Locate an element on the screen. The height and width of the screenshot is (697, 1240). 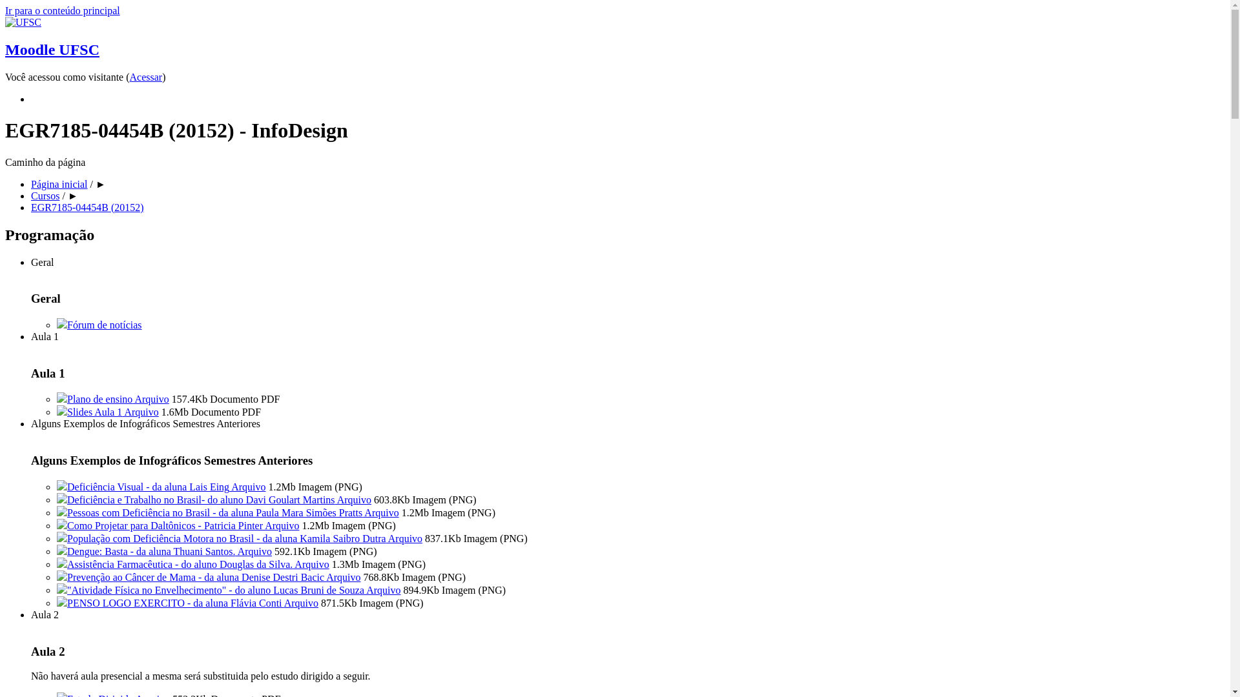
'Slides Aula 1 Arquivo' is located at coordinates (108, 412).